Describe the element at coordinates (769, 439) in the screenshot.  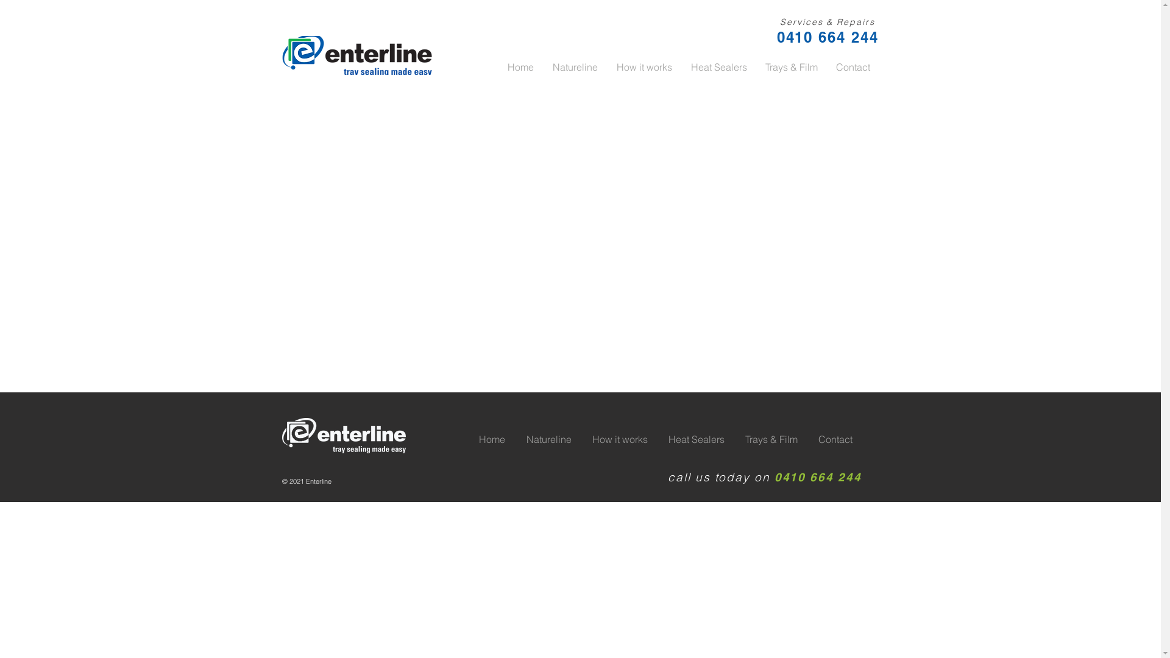
I see `'Trays & Film'` at that location.